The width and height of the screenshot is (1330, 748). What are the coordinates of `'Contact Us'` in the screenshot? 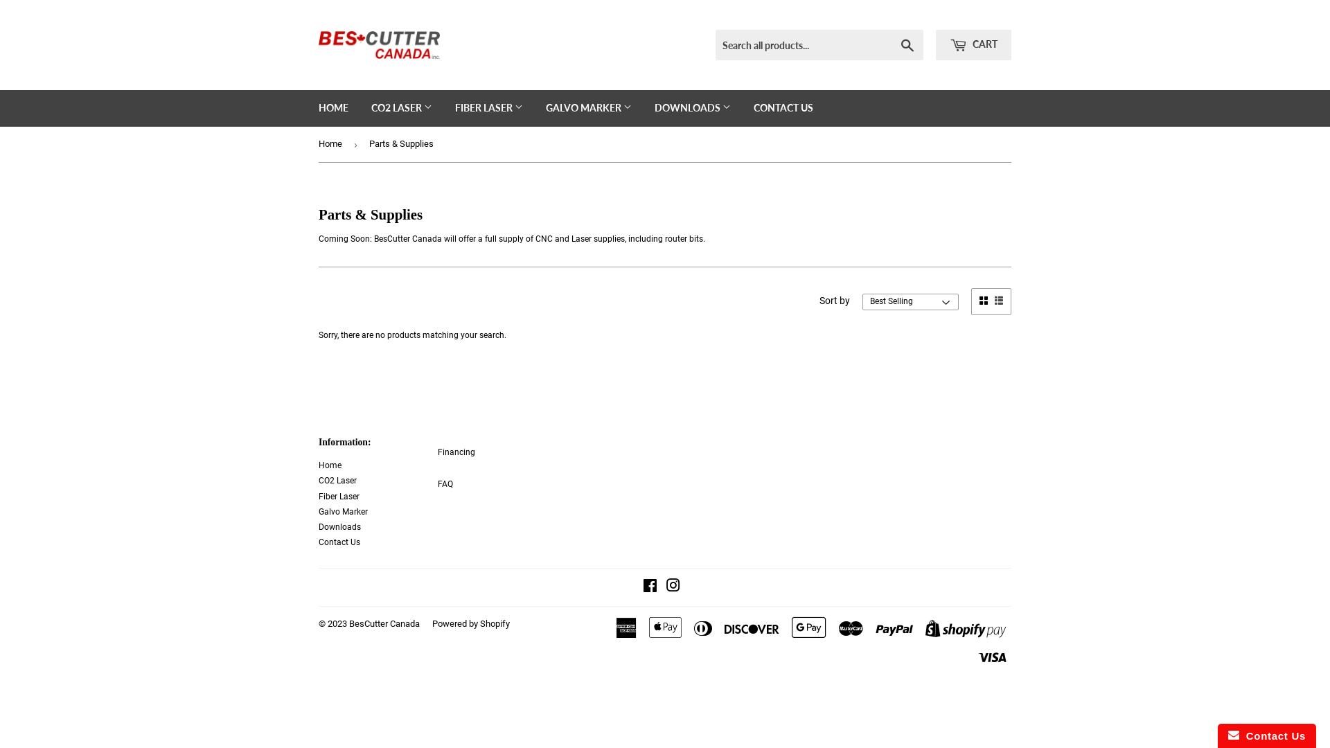 It's located at (339, 542).